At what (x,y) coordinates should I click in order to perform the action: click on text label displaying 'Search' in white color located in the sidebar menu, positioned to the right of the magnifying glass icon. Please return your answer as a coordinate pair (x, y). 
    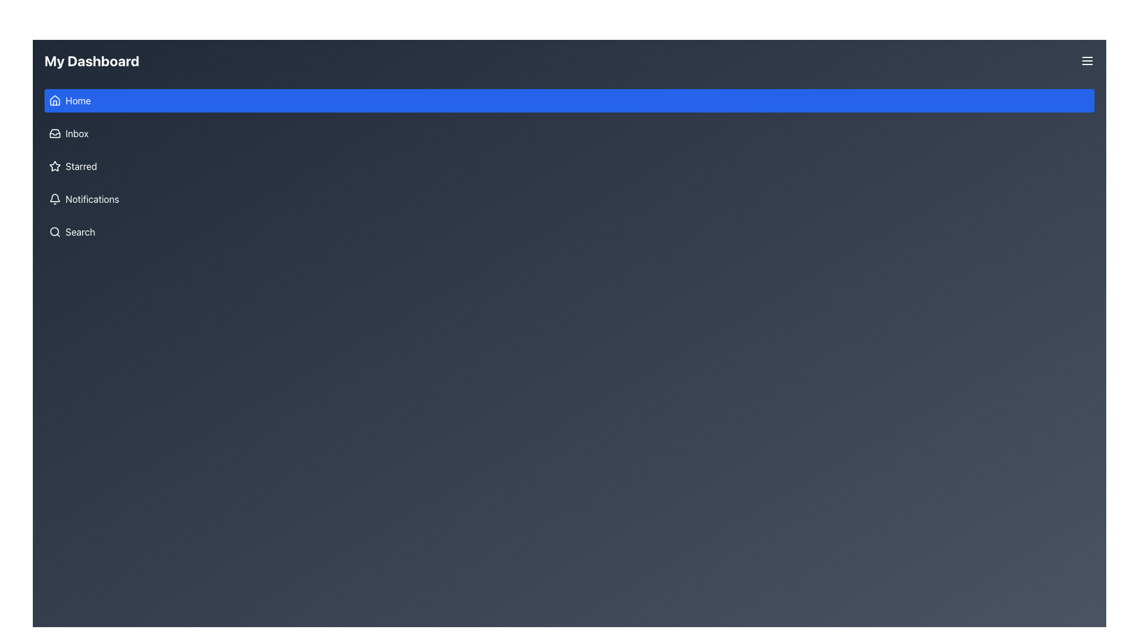
    Looking at the image, I should click on (80, 232).